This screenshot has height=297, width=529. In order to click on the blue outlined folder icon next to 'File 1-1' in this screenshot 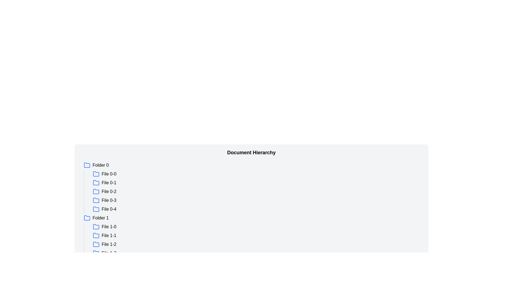, I will do `click(96, 235)`.